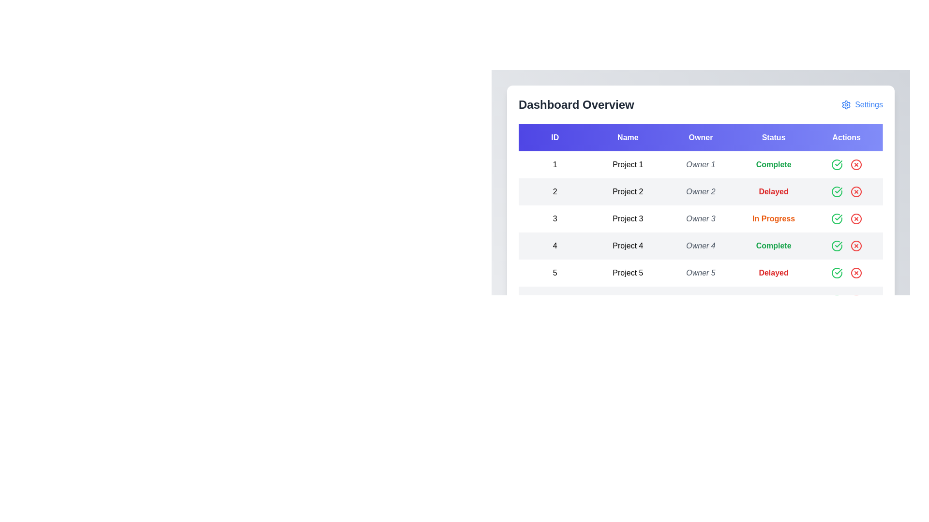  I want to click on the Actions header to sort the table by that column, so click(846, 138).